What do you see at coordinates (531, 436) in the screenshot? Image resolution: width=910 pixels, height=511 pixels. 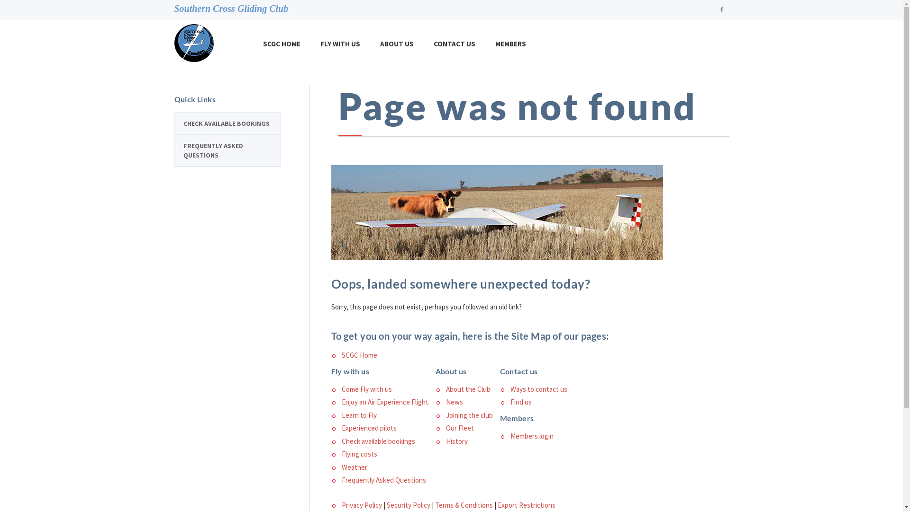 I see `'Members login'` at bounding box center [531, 436].